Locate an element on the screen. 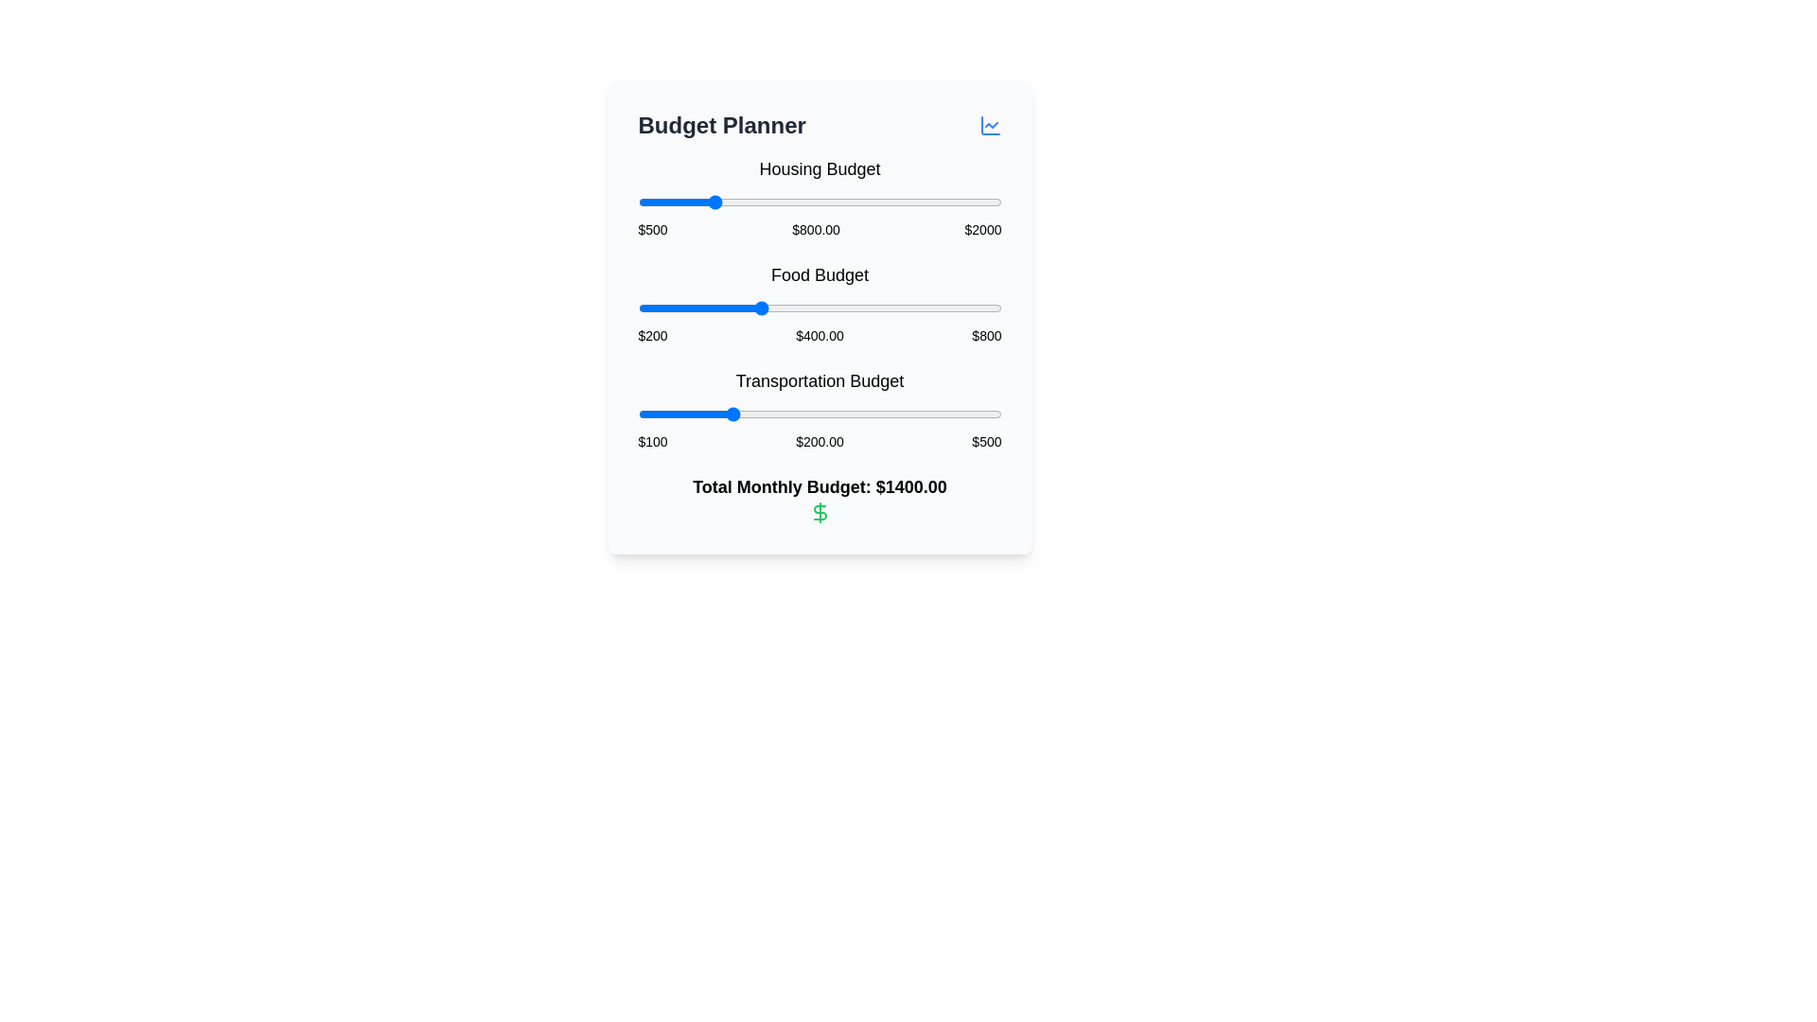 The image size is (1817, 1022). the housing budget slider is located at coordinates (704, 202).